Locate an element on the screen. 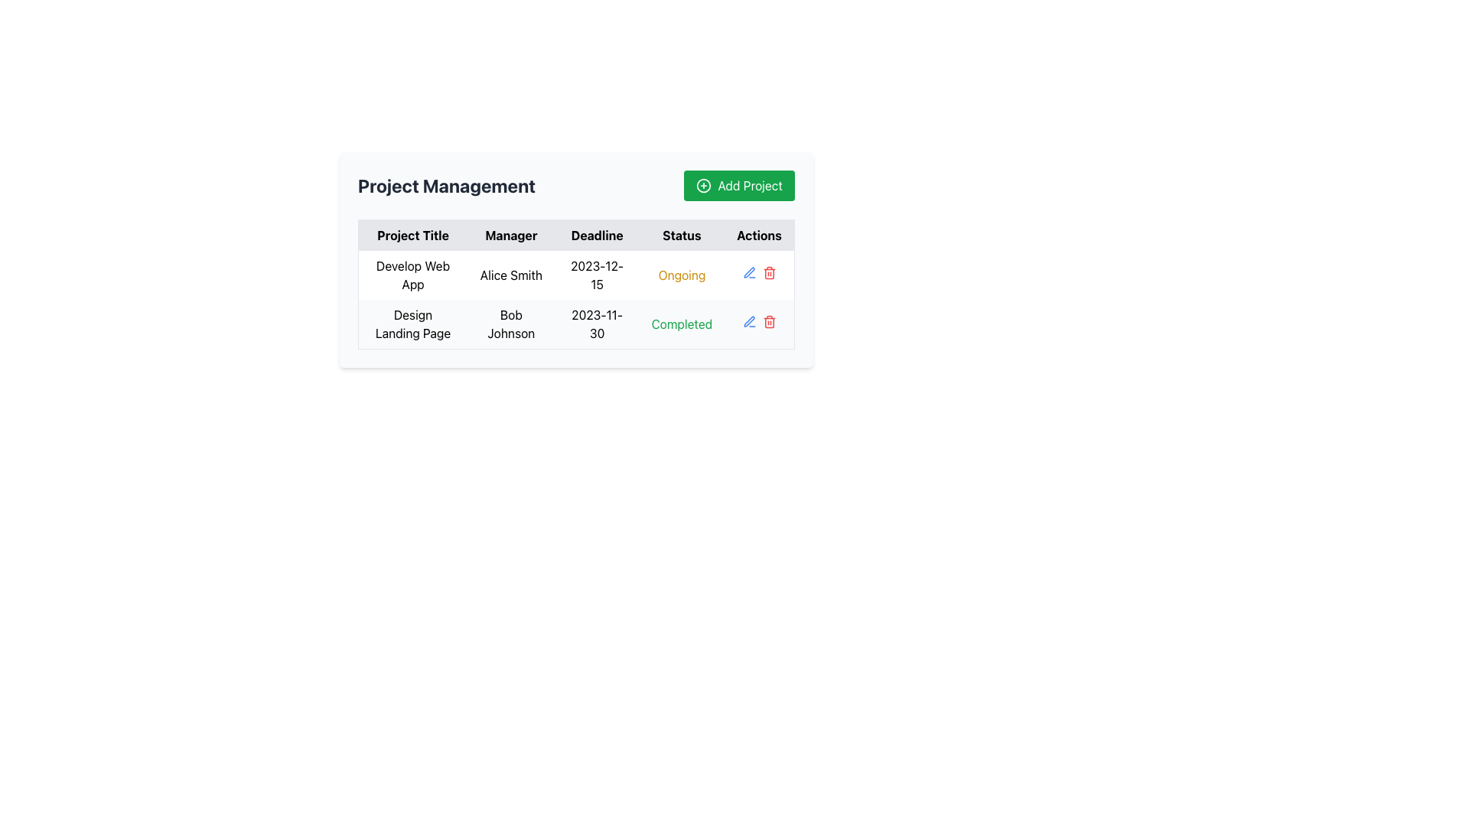  the first pen-shaped blue icon button in the 'Actions' column for the project 'Develop Web App' with 'Ongoing' status is located at coordinates (749, 320).